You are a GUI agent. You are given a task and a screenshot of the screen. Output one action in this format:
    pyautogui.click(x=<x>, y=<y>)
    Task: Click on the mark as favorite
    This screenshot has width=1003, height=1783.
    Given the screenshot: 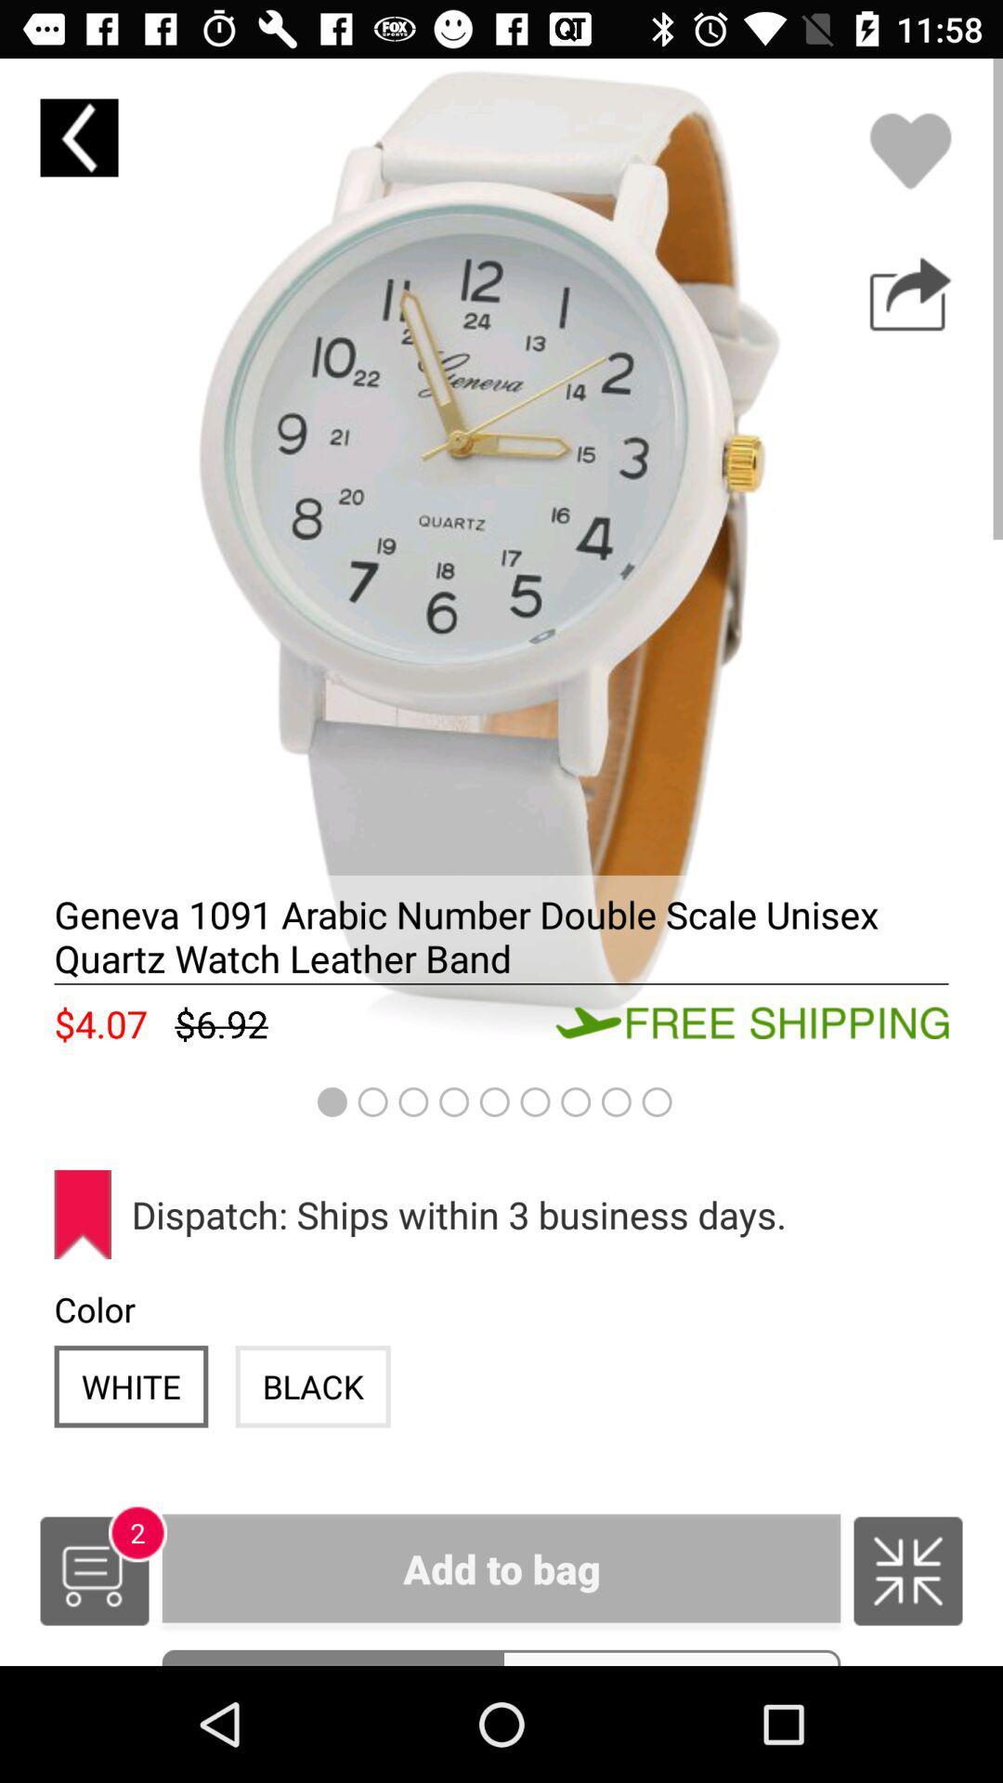 What is the action you would take?
    pyautogui.click(x=909, y=150)
    